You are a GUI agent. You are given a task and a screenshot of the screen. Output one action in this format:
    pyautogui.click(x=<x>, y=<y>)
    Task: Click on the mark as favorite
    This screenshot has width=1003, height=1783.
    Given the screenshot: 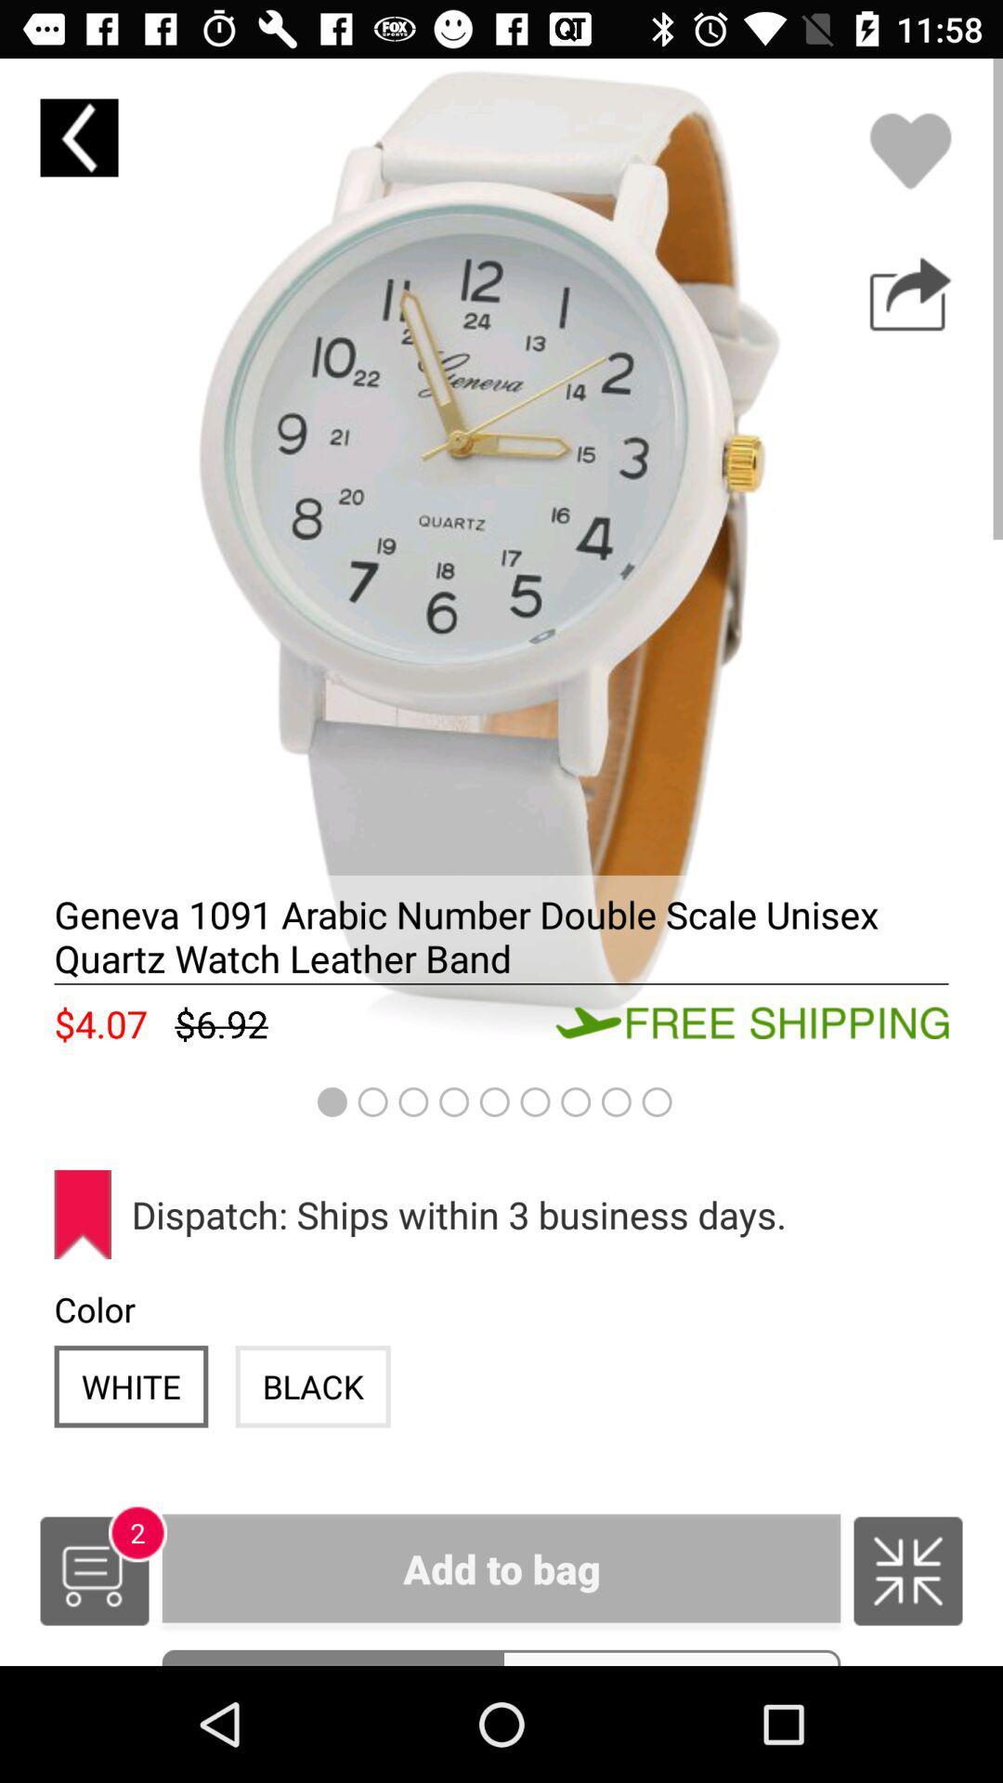 What is the action you would take?
    pyautogui.click(x=909, y=150)
    